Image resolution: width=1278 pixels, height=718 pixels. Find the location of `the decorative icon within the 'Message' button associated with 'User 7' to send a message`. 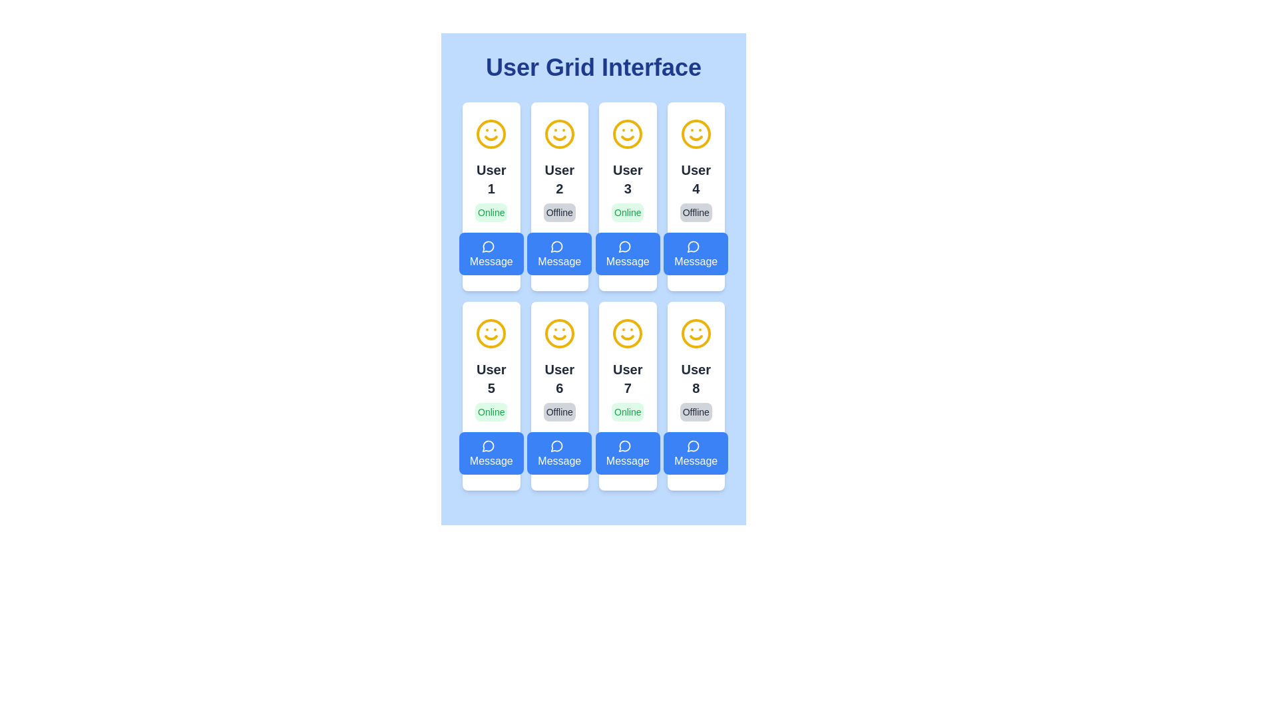

the decorative icon within the 'Message' button associated with 'User 7' to send a message is located at coordinates (624, 445).